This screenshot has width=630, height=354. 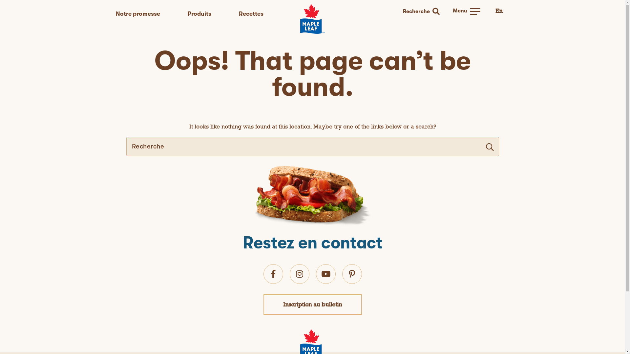 What do you see at coordinates (137, 14) in the screenshot?
I see `'Notre promesse'` at bounding box center [137, 14].